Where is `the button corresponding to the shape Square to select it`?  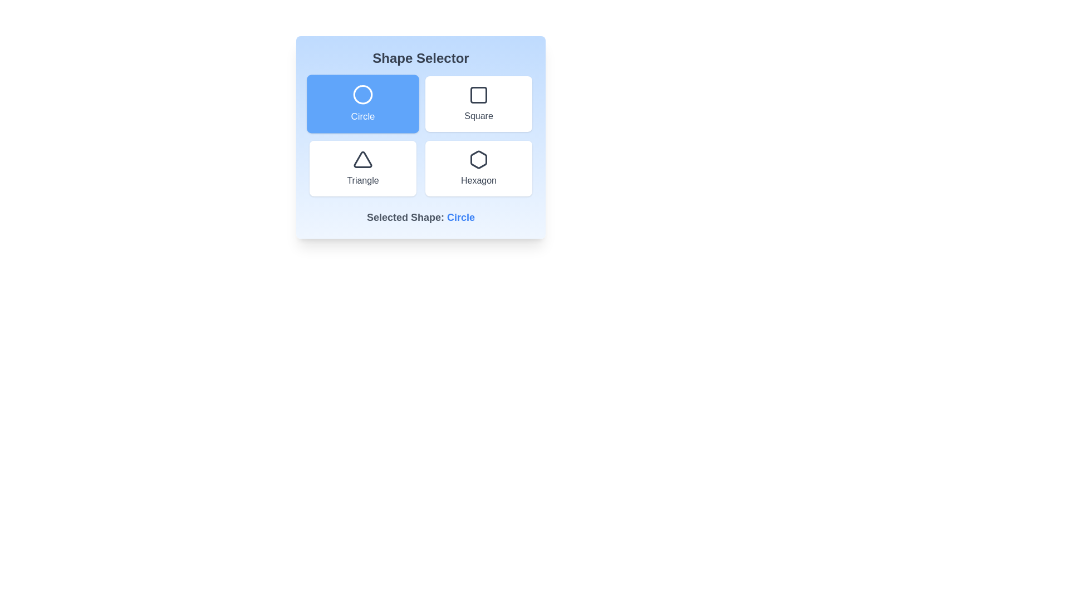 the button corresponding to the shape Square to select it is located at coordinates (478, 104).